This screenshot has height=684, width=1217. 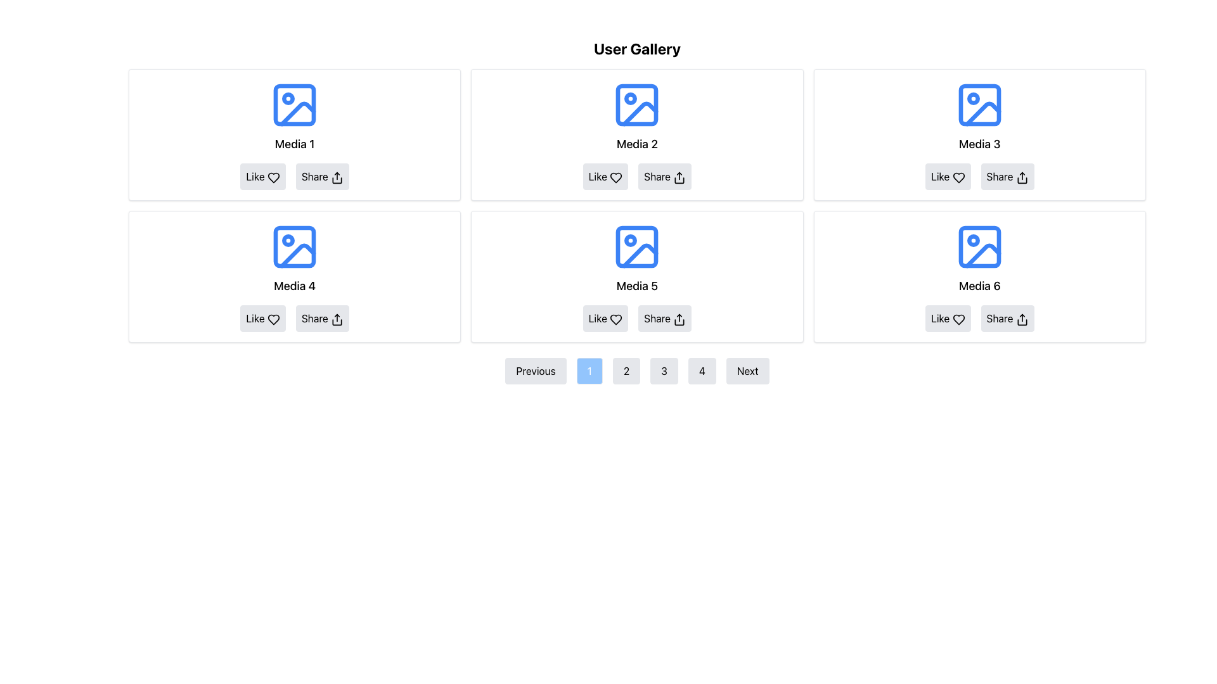 I want to click on the blue icon with a square frame and a circular dot, located at the top-center of the second card in the first row, above the text 'Media 2', so click(x=637, y=104).